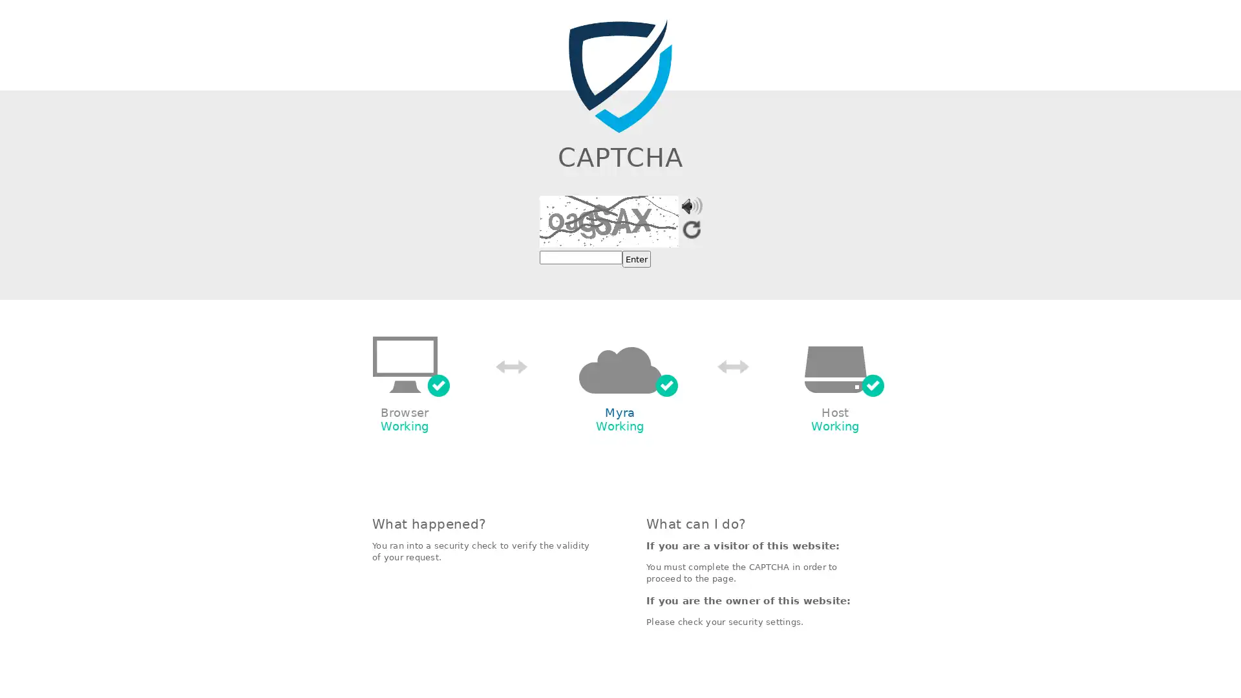 This screenshot has width=1241, height=698. Describe the element at coordinates (636, 259) in the screenshot. I see `Enter` at that location.